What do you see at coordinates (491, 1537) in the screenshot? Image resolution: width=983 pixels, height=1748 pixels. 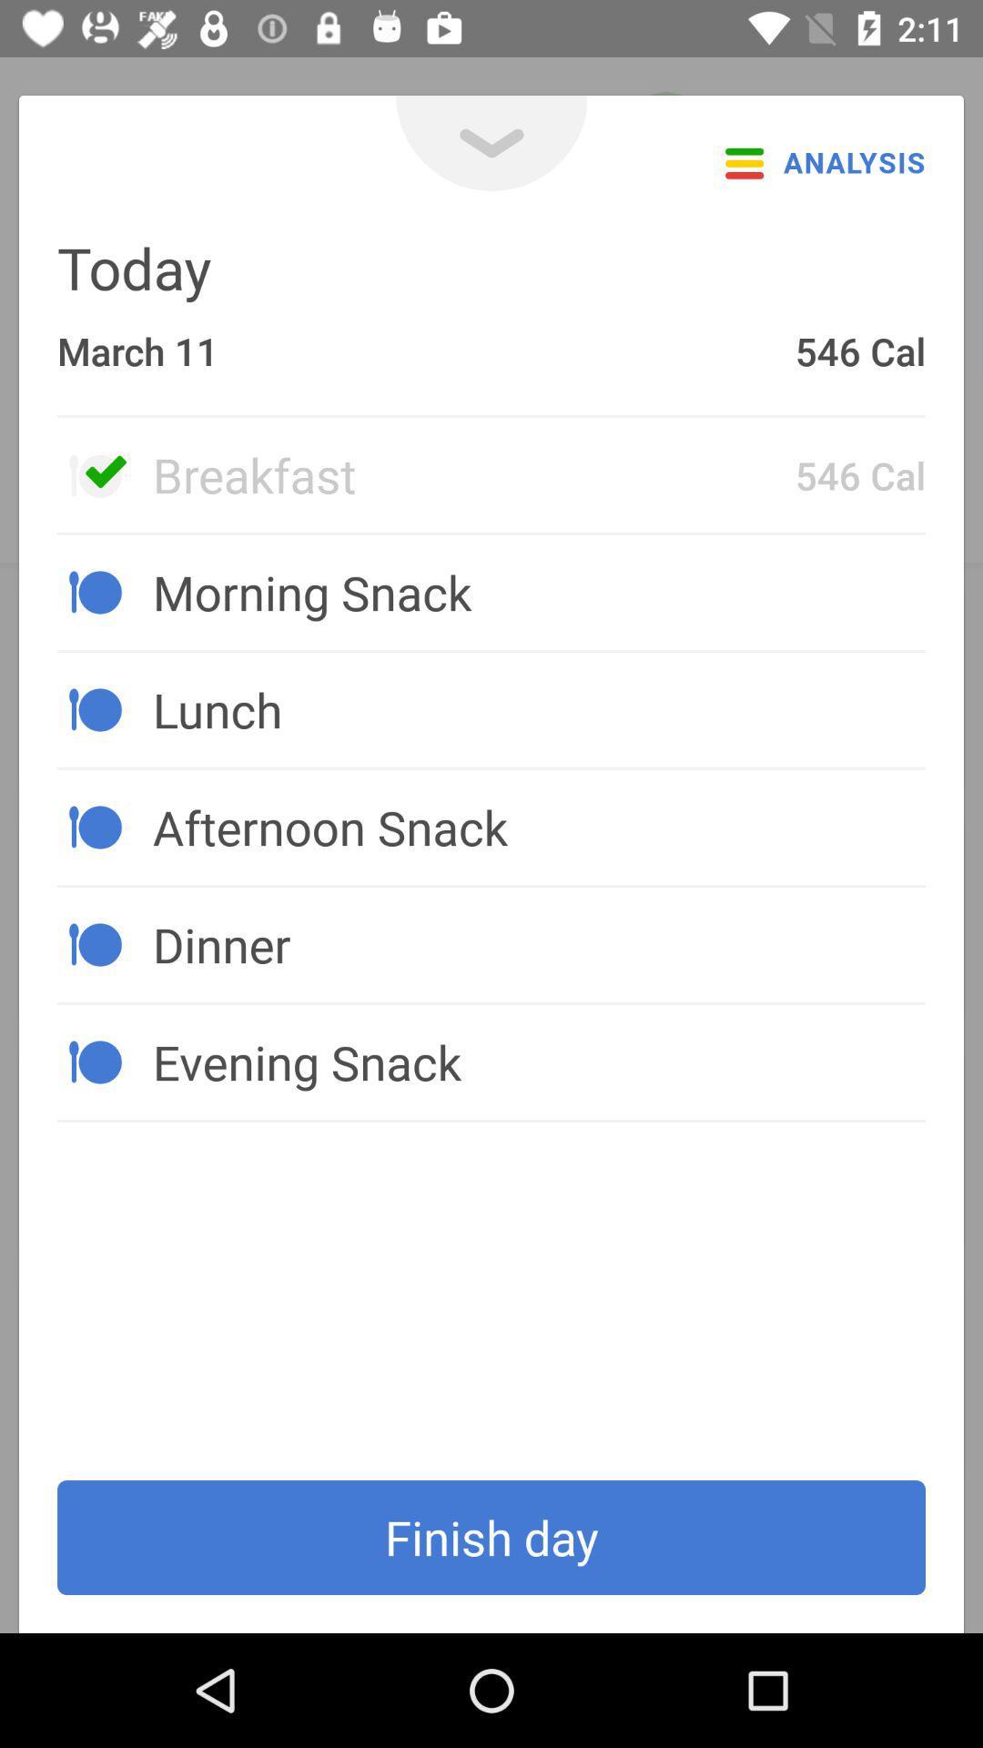 I see `the finish day icon` at bounding box center [491, 1537].